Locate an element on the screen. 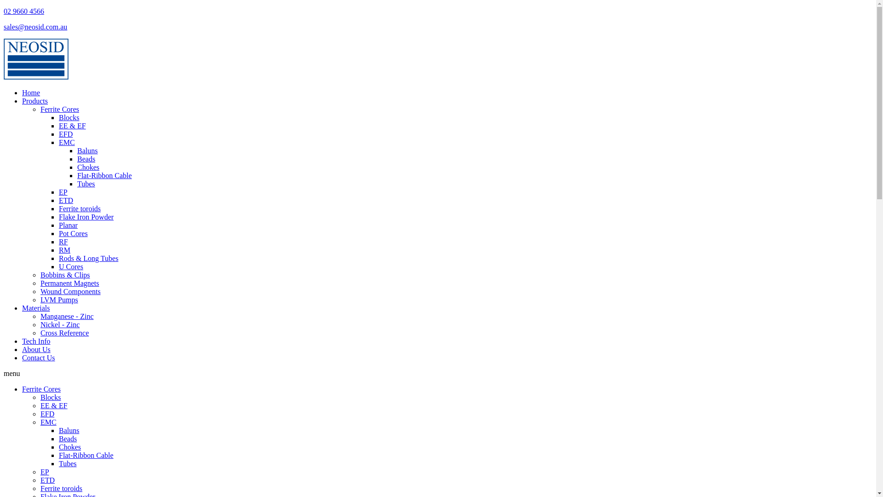 The width and height of the screenshot is (883, 497). 'Contact Us' is located at coordinates (38, 357).